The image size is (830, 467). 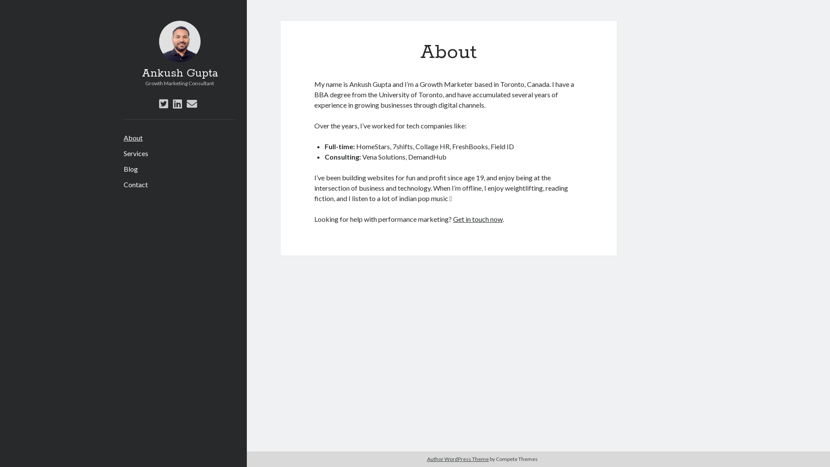 What do you see at coordinates (135, 184) in the screenshot?
I see `'Contact'` at bounding box center [135, 184].